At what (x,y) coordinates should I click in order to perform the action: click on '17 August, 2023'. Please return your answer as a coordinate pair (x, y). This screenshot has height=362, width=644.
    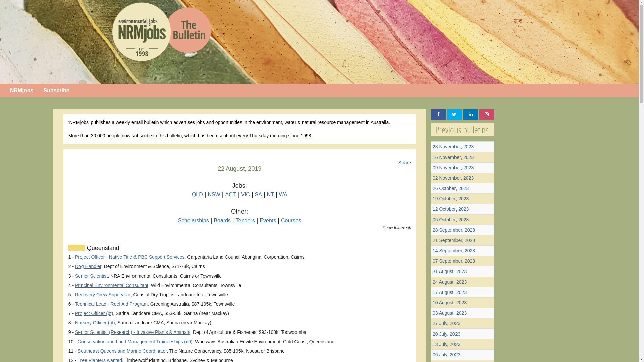
    Looking at the image, I should click on (449, 292).